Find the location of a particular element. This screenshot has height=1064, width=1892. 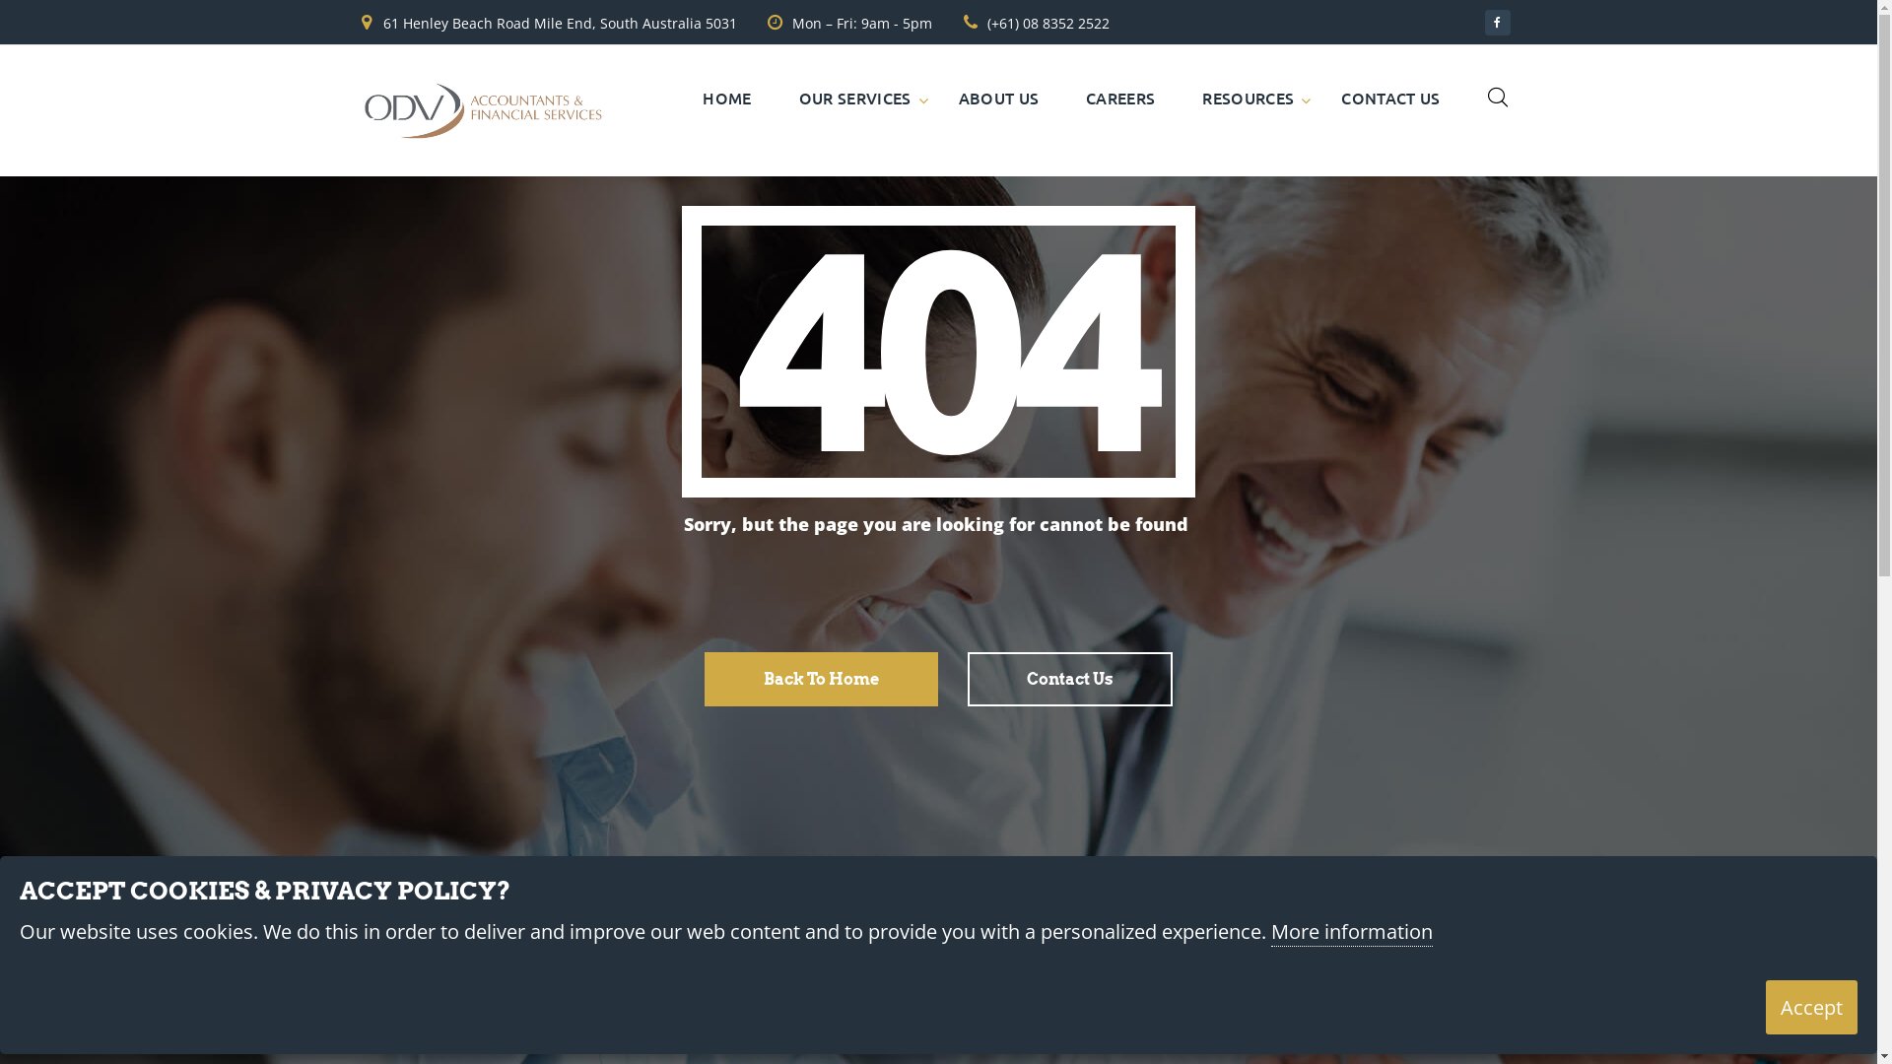

'HOME' is located at coordinates (725, 98).